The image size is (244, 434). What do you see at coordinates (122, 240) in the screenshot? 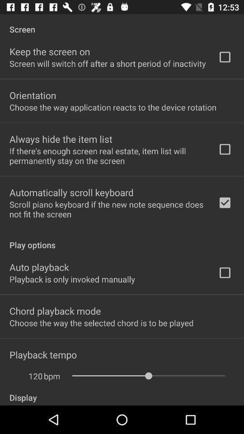
I see `the play options app` at bounding box center [122, 240].